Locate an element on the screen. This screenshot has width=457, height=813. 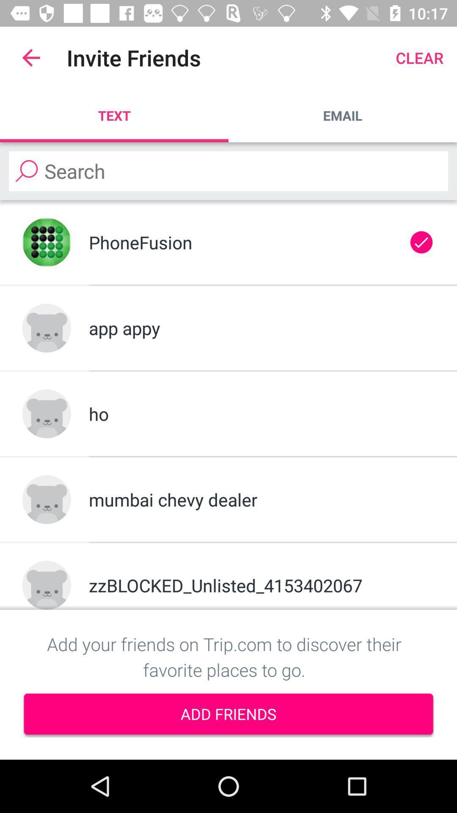
the icon below ho icon is located at coordinates (261, 499).